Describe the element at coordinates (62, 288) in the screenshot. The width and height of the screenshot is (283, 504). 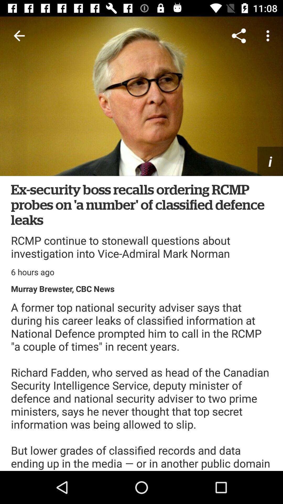
I see `the murray brewster cbc icon` at that location.